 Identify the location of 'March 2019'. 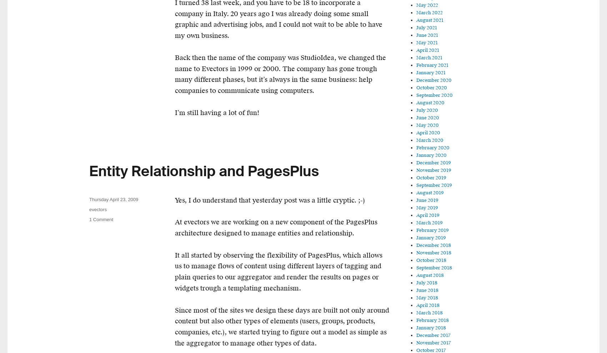
(429, 223).